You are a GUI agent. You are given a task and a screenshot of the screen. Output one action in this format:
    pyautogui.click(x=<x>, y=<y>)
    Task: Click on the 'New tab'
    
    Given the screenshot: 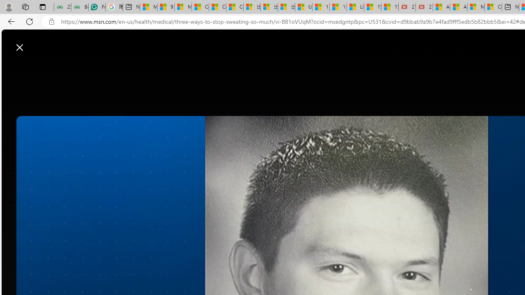 What is the action you would take?
    pyautogui.click(x=510, y=7)
    